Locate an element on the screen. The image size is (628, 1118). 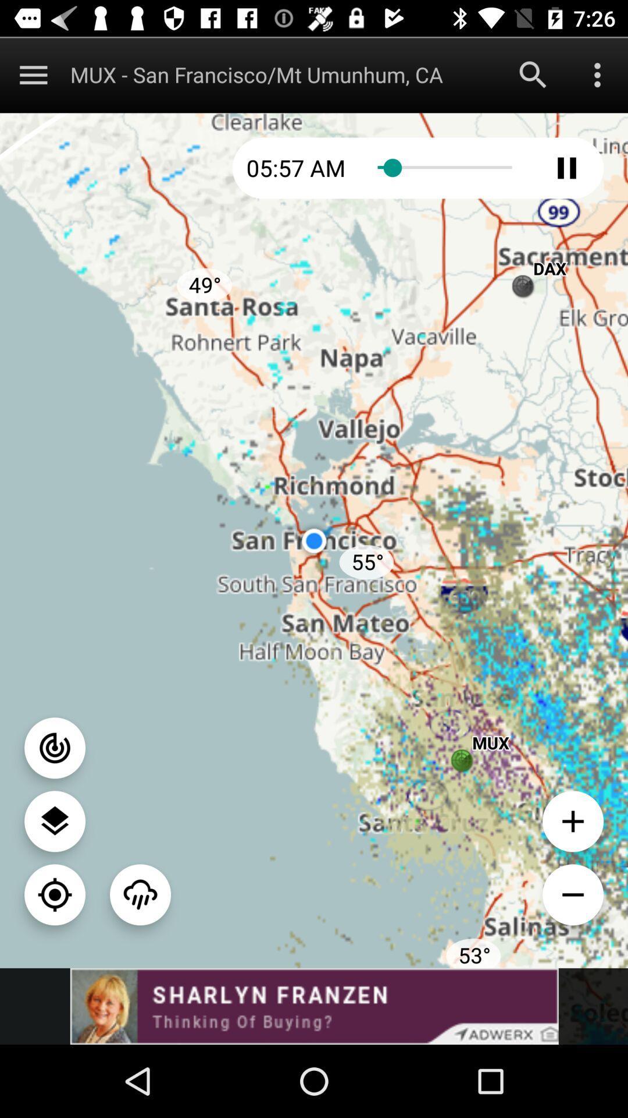
pinpoint location is located at coordinates (55, 894).